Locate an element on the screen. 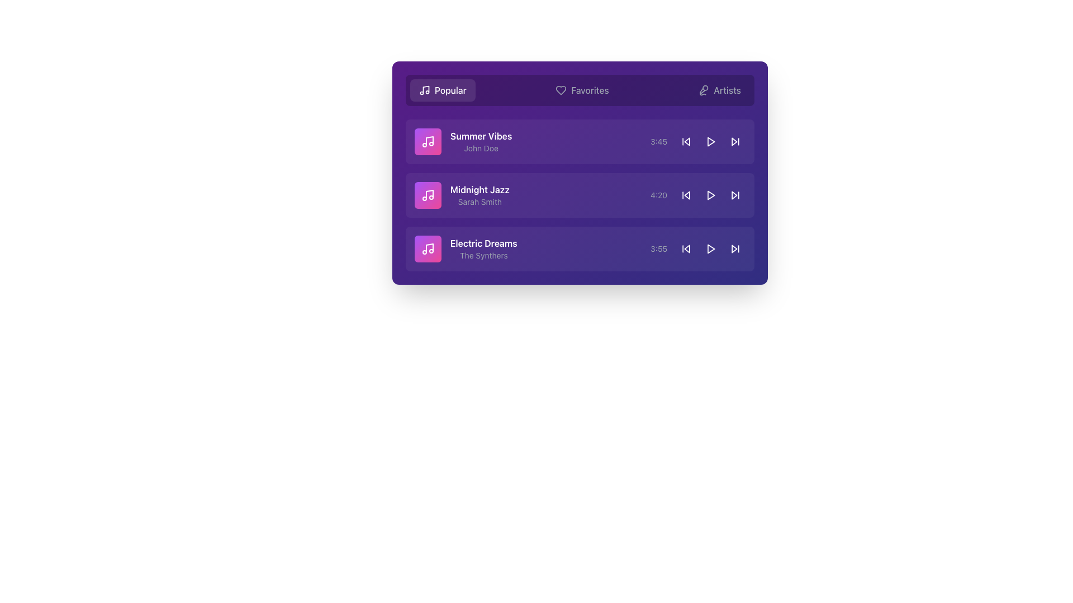 The image size is (1073, 603). the 'Skip forward' button located at the far right side of the second row in the song list is located at coordinates (735, 141).